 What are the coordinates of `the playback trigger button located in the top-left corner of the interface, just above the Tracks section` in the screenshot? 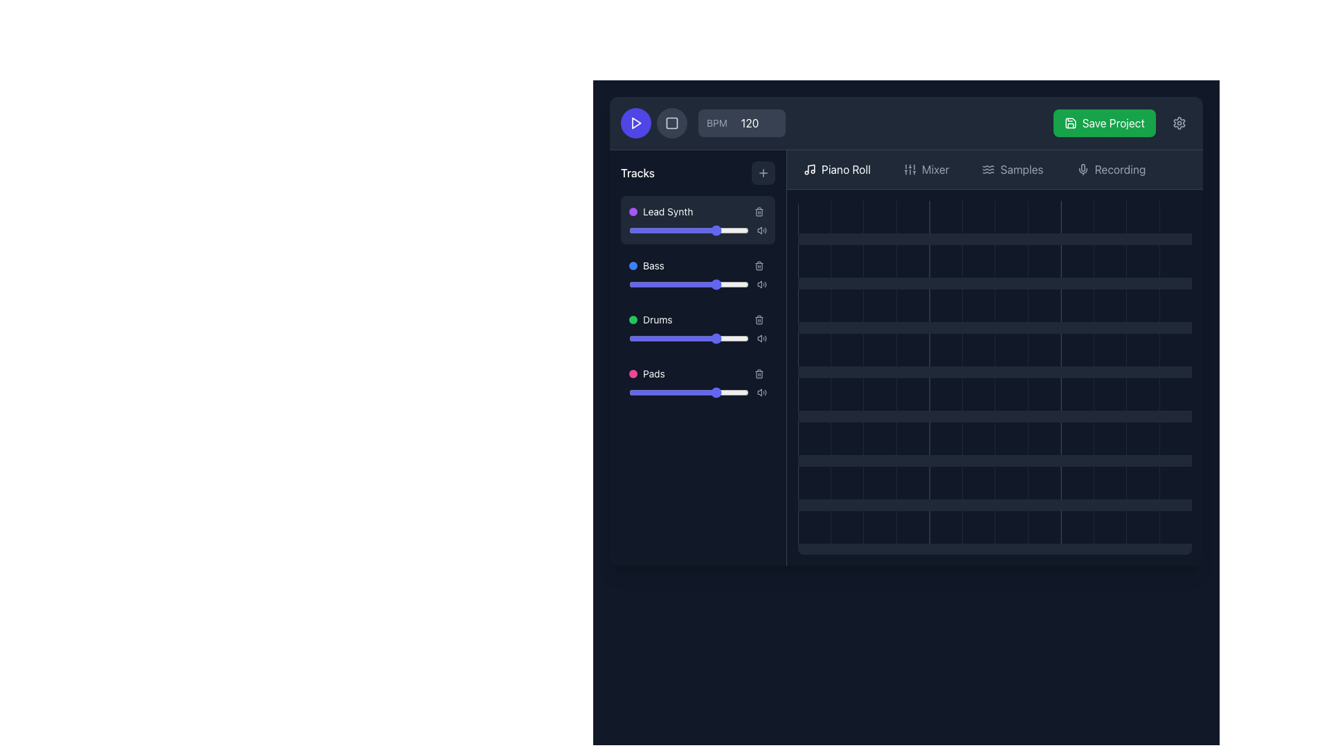 It's located at (635, 122).